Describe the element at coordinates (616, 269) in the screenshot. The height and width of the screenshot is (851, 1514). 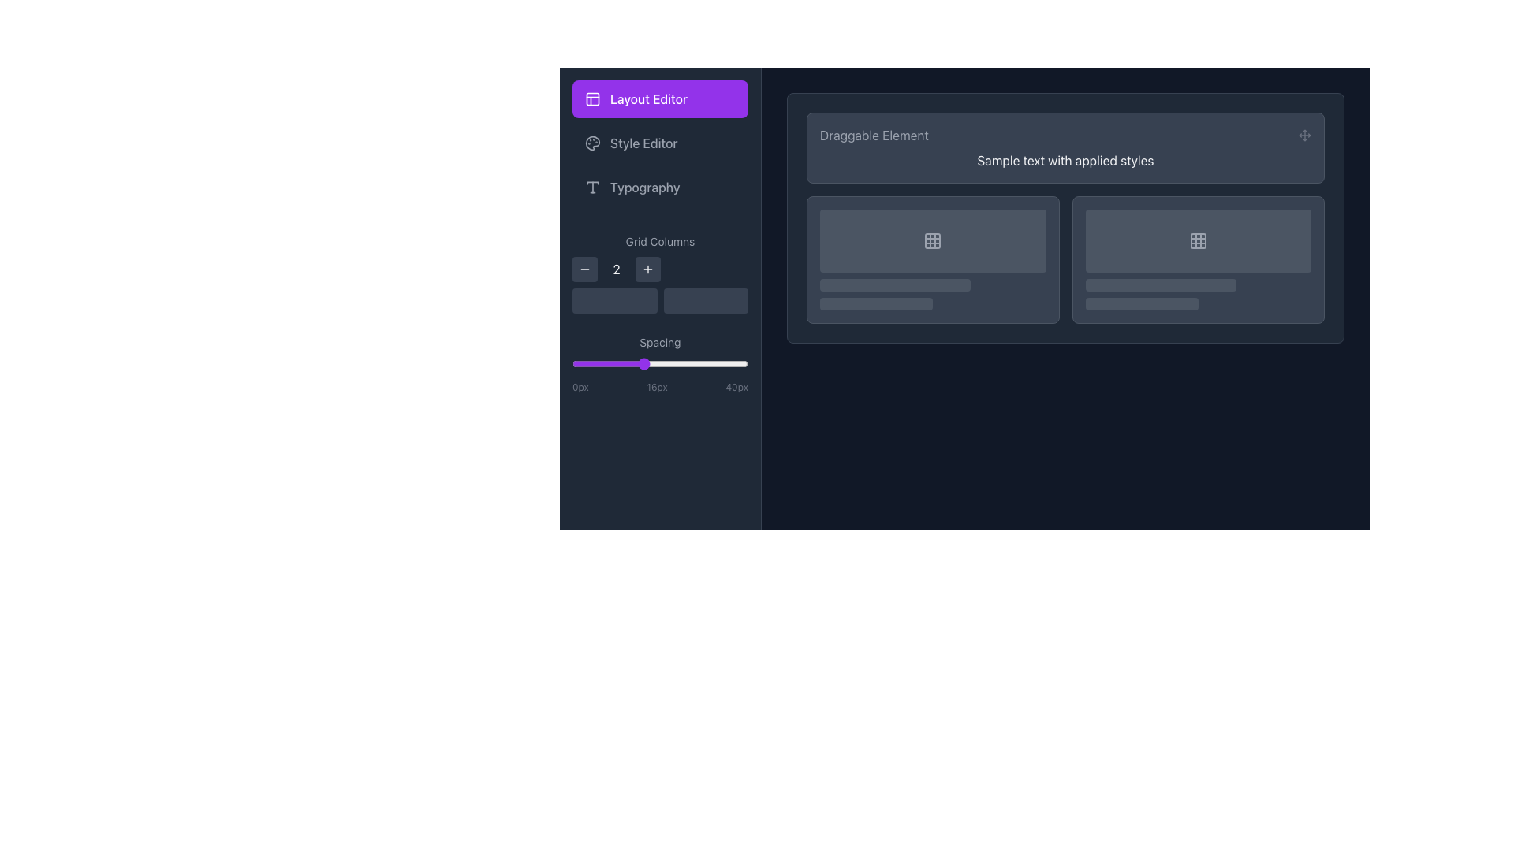
I see `the Label displaying the current value of the 'Grid Columns' setting, located between the '-' and '+' buttons in the 'Layout Editor' sidebar` at that location.